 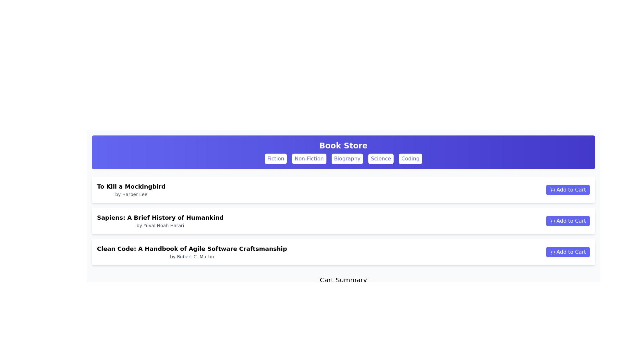 What do you see at coordinates (191, 248) in the screenshot?
I see `the static text element displaying the title 'Clean Code: A Handbook of Agile Software Craftsmanship', which is located in the middle of the interface as the upper text in the third book entry` at bounding box center [191, 248].